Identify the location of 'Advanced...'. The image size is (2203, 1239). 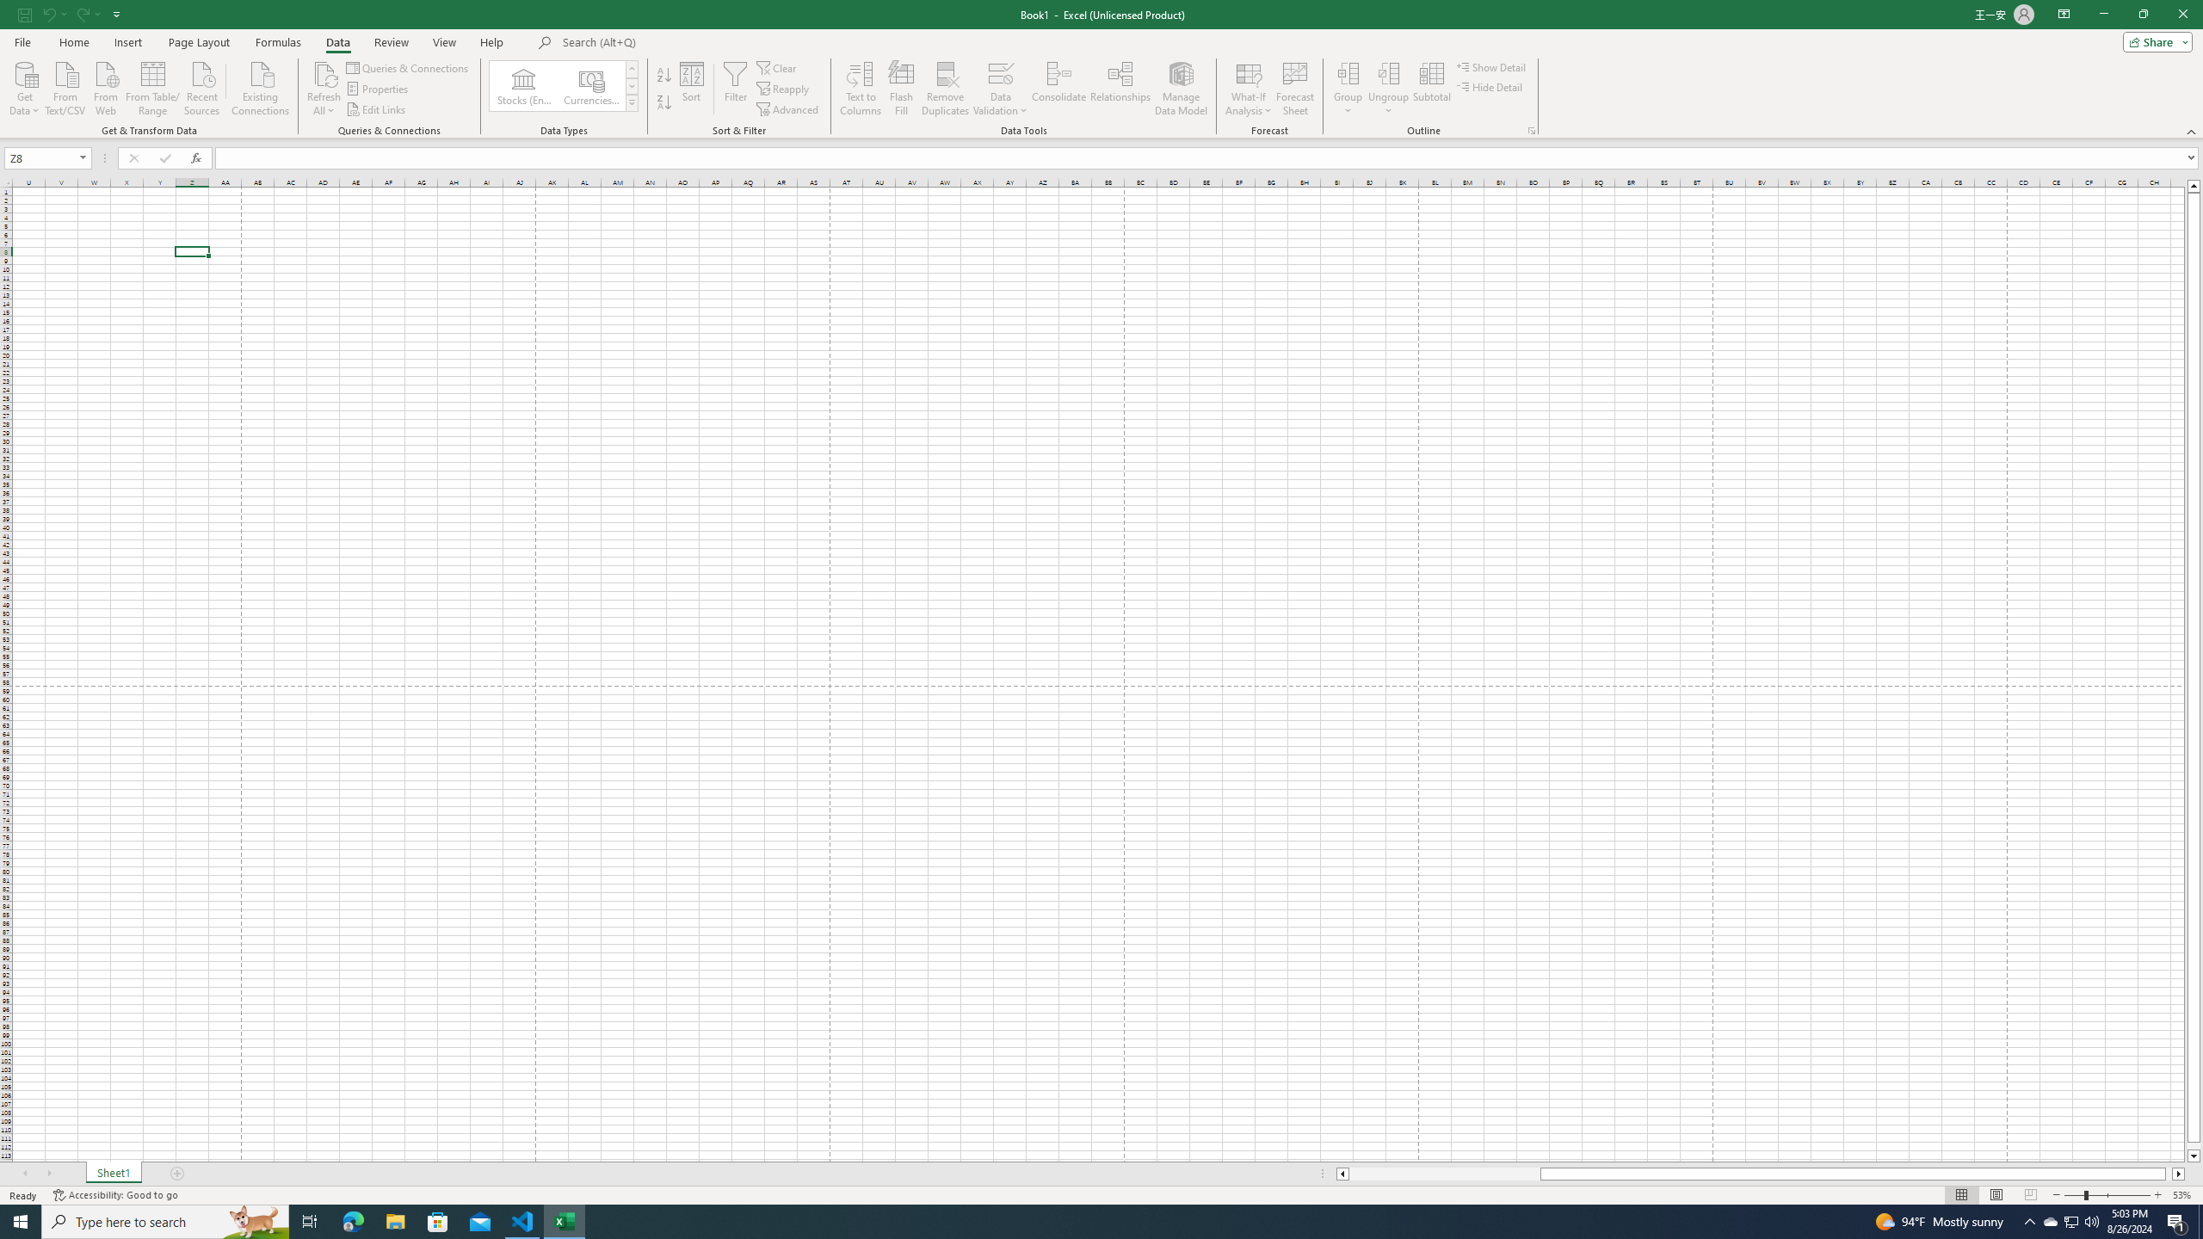
(788, 109).